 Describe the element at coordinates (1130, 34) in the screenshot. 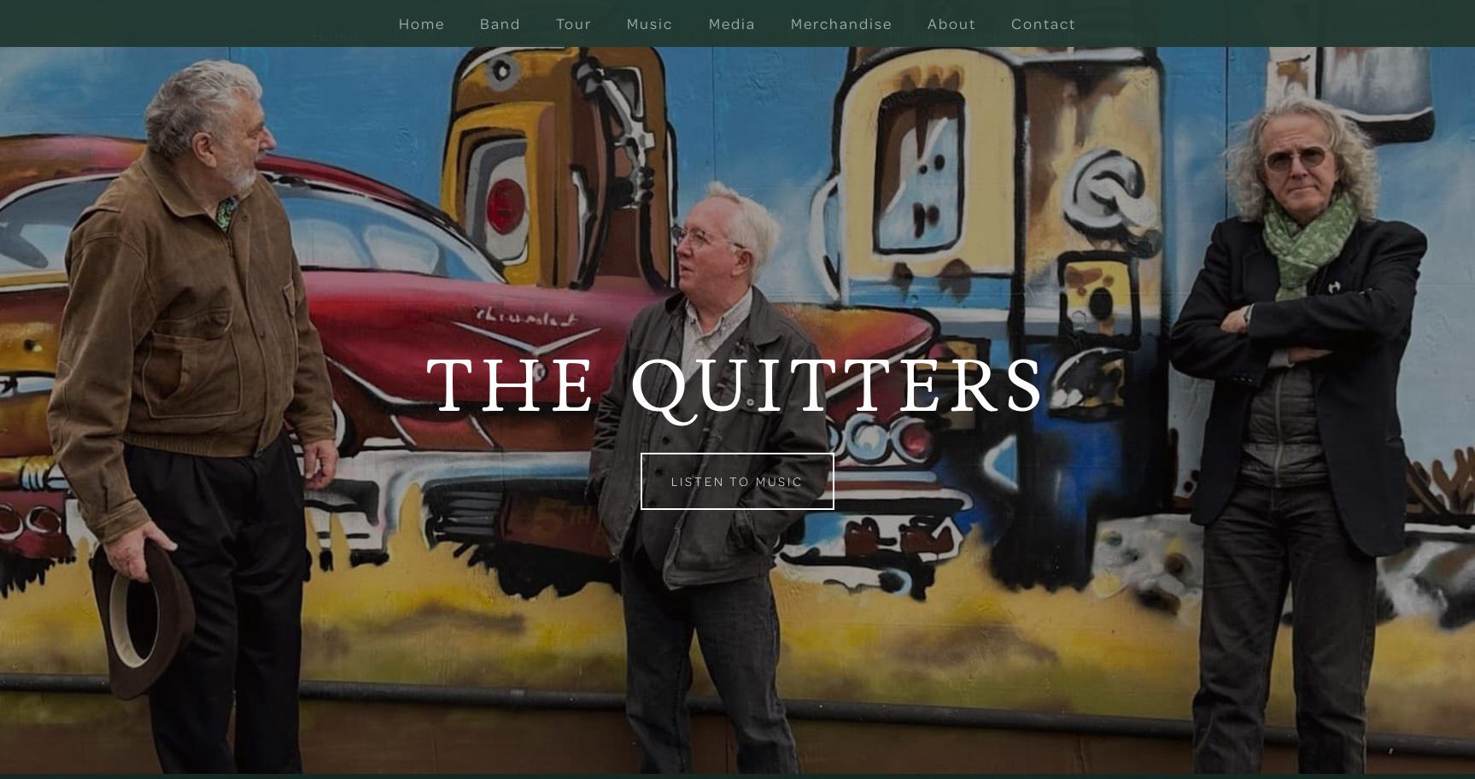

I see `'About'` at that location.